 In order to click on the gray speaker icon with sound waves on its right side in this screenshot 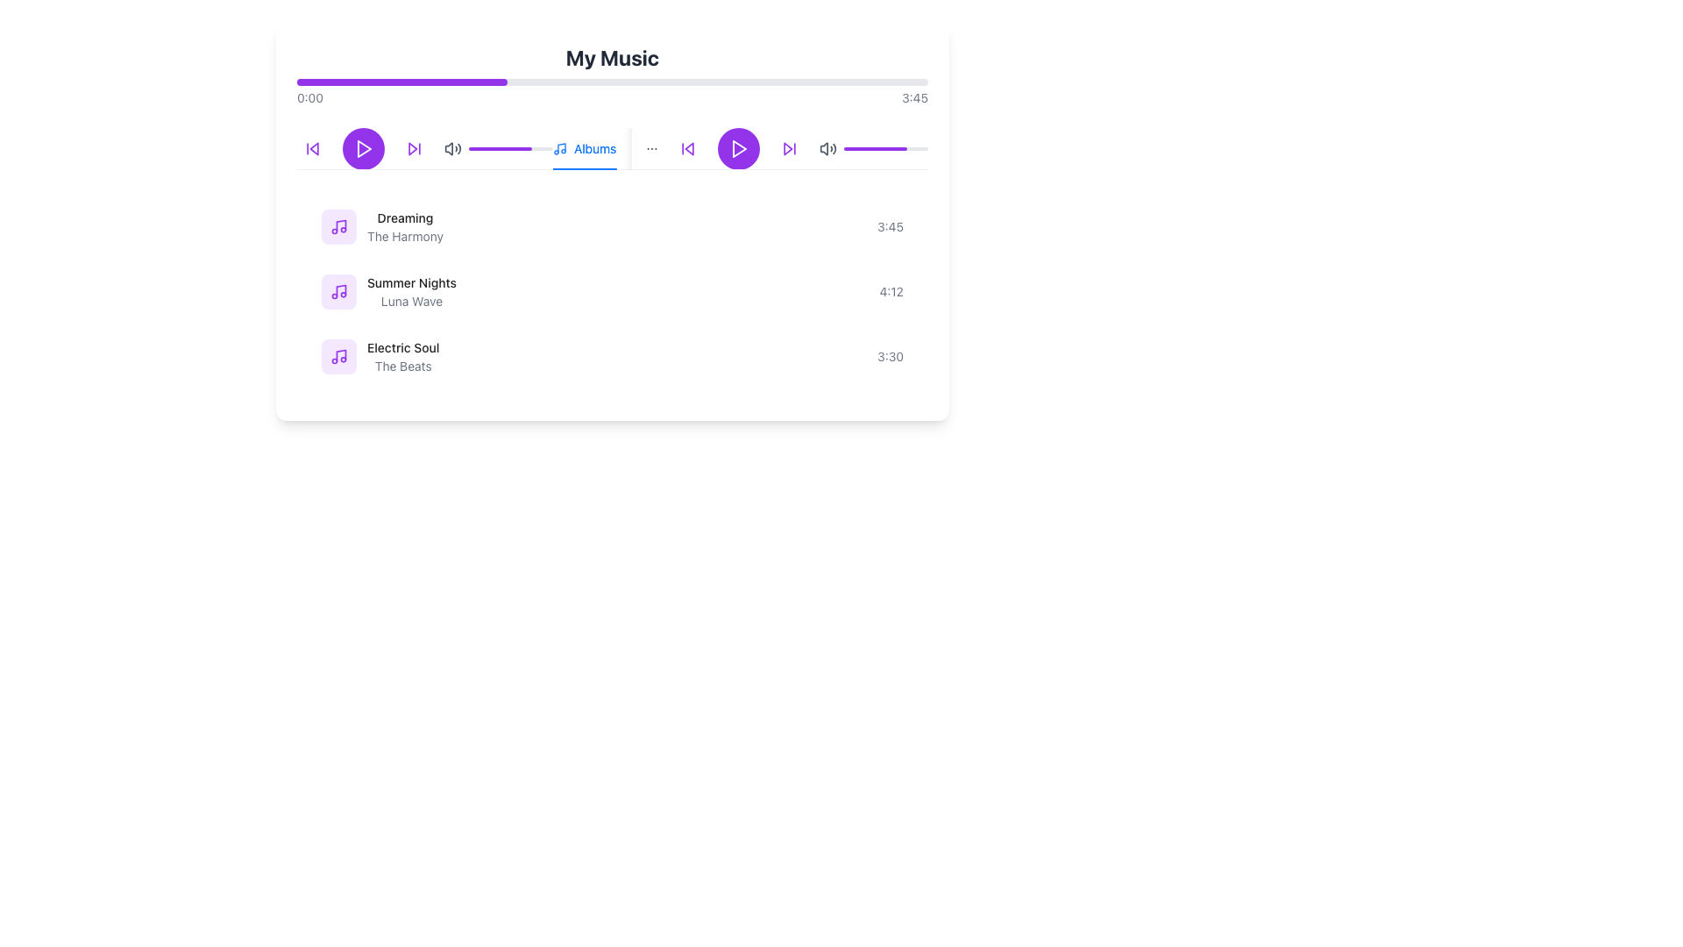, I will do `click(453, 147)`.